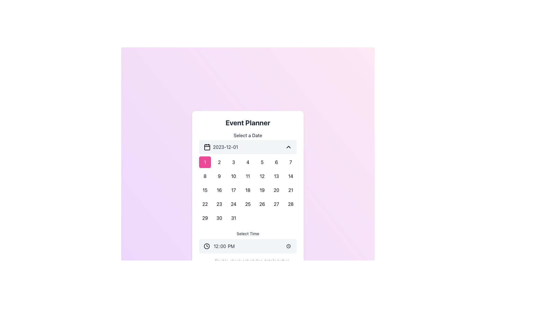 Image resolution: width=558 pixels, height=314 pixels. What do you see at coordinates (219, 204) in the screenshot?
I see `the rounded rectangular button labeled '23' in the Event Planner calendar grid` at bounding box center [219, 204].